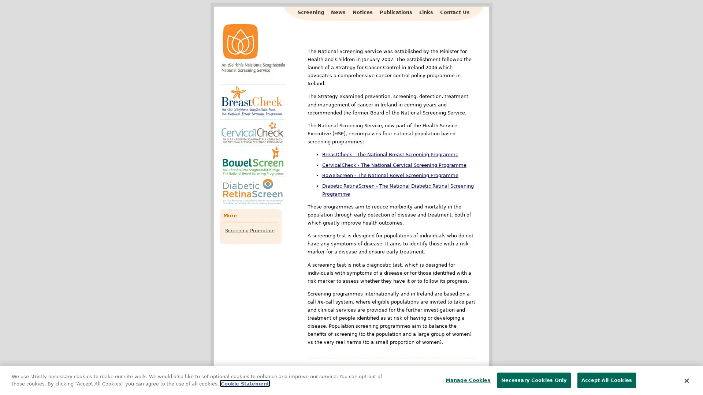  I want to click on Manage Cookies, so click(465, 379).